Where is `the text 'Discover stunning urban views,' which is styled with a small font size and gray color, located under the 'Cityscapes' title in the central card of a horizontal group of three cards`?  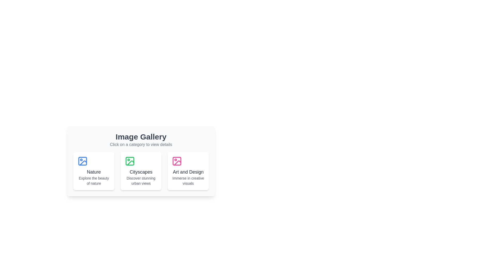
the text 'Discover stunning urban views,' which is styled with a small font size and gray color, located under the 'Cityscapes' title in the central card of a horizontal group of three cards is located at coordinates (141, 180).